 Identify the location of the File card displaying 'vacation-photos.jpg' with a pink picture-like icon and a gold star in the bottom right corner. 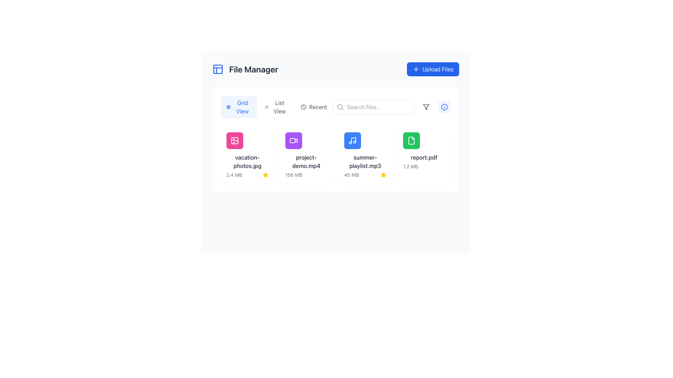
(247, 155).